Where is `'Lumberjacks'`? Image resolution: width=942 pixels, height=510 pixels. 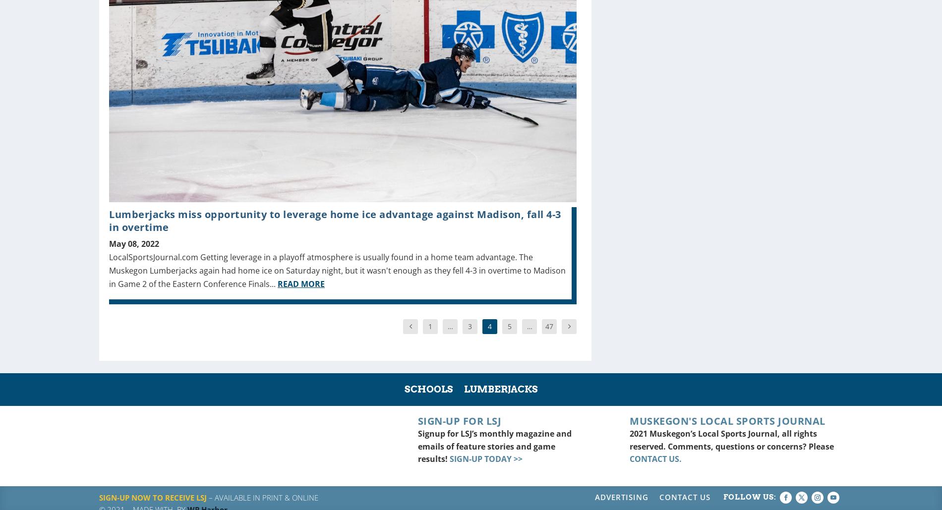 'Lumberjacks' is located at coordinates (500, 389).